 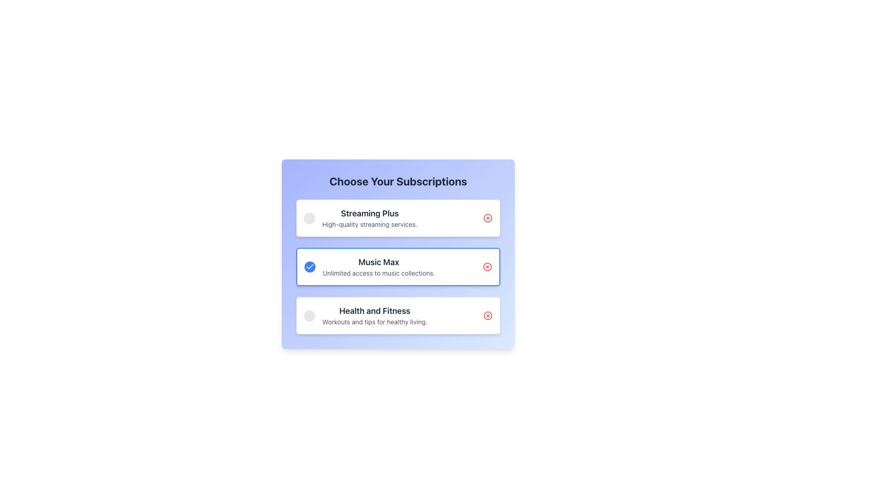 I want to click on the selectable list item labeled 'Music Max' which features a blue border and a white background, so click(x=398, y=266).